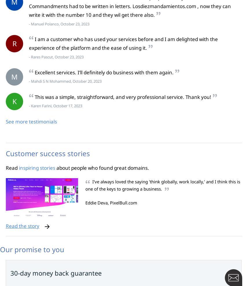 The height and width of the screenshot is (286, 248). I want to click on 'inspiring stories', so click(37, 167).